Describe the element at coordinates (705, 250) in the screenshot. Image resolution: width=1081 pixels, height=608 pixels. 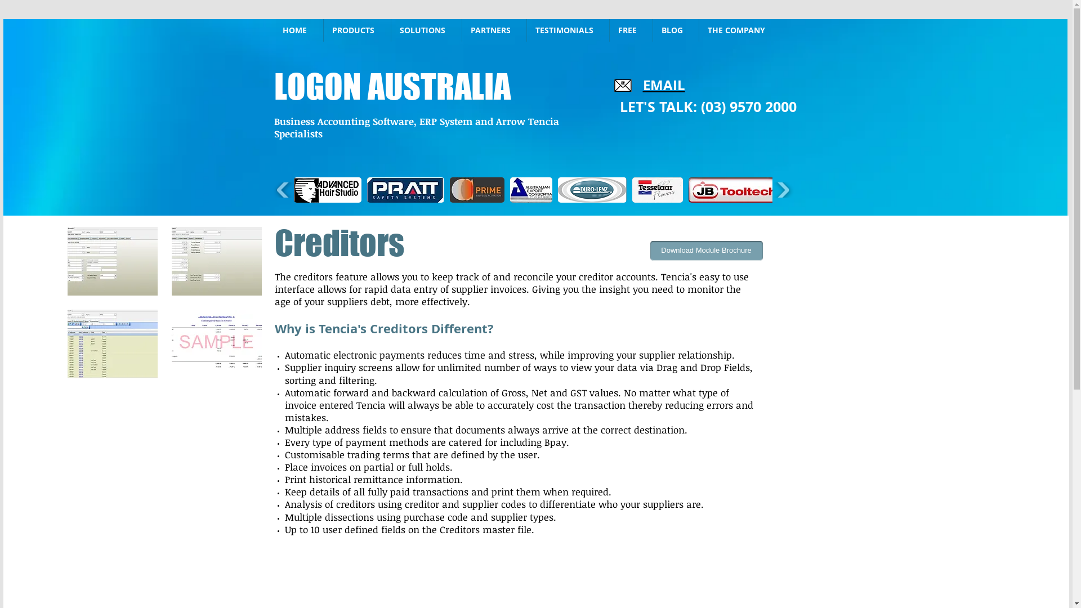
I see `'Download Module Brochure'` at that location.